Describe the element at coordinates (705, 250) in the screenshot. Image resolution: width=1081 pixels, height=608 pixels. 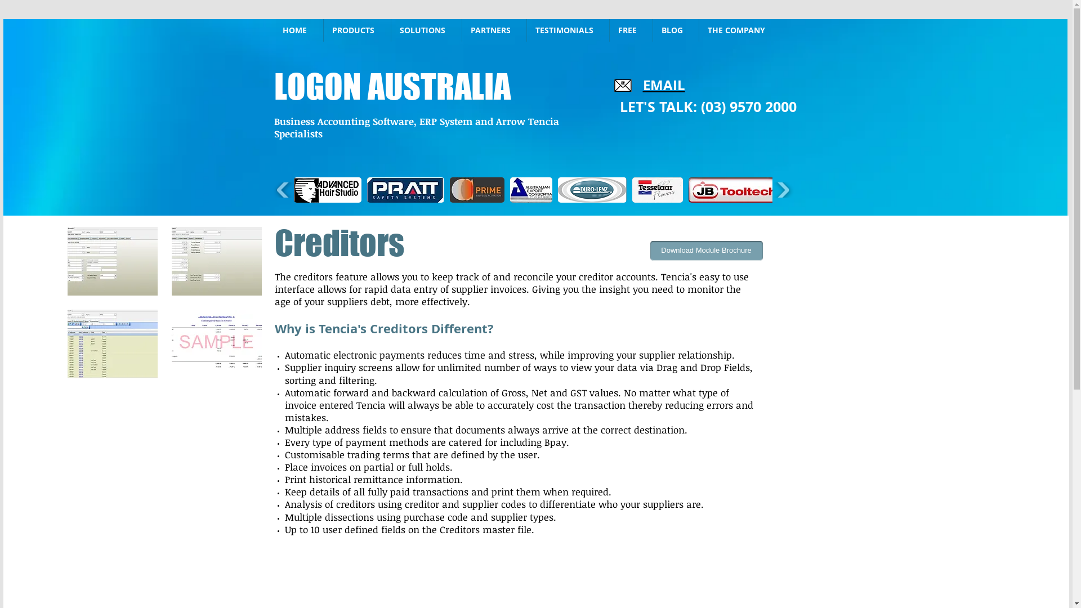
I see `'Download Module Brochure'` at that location.